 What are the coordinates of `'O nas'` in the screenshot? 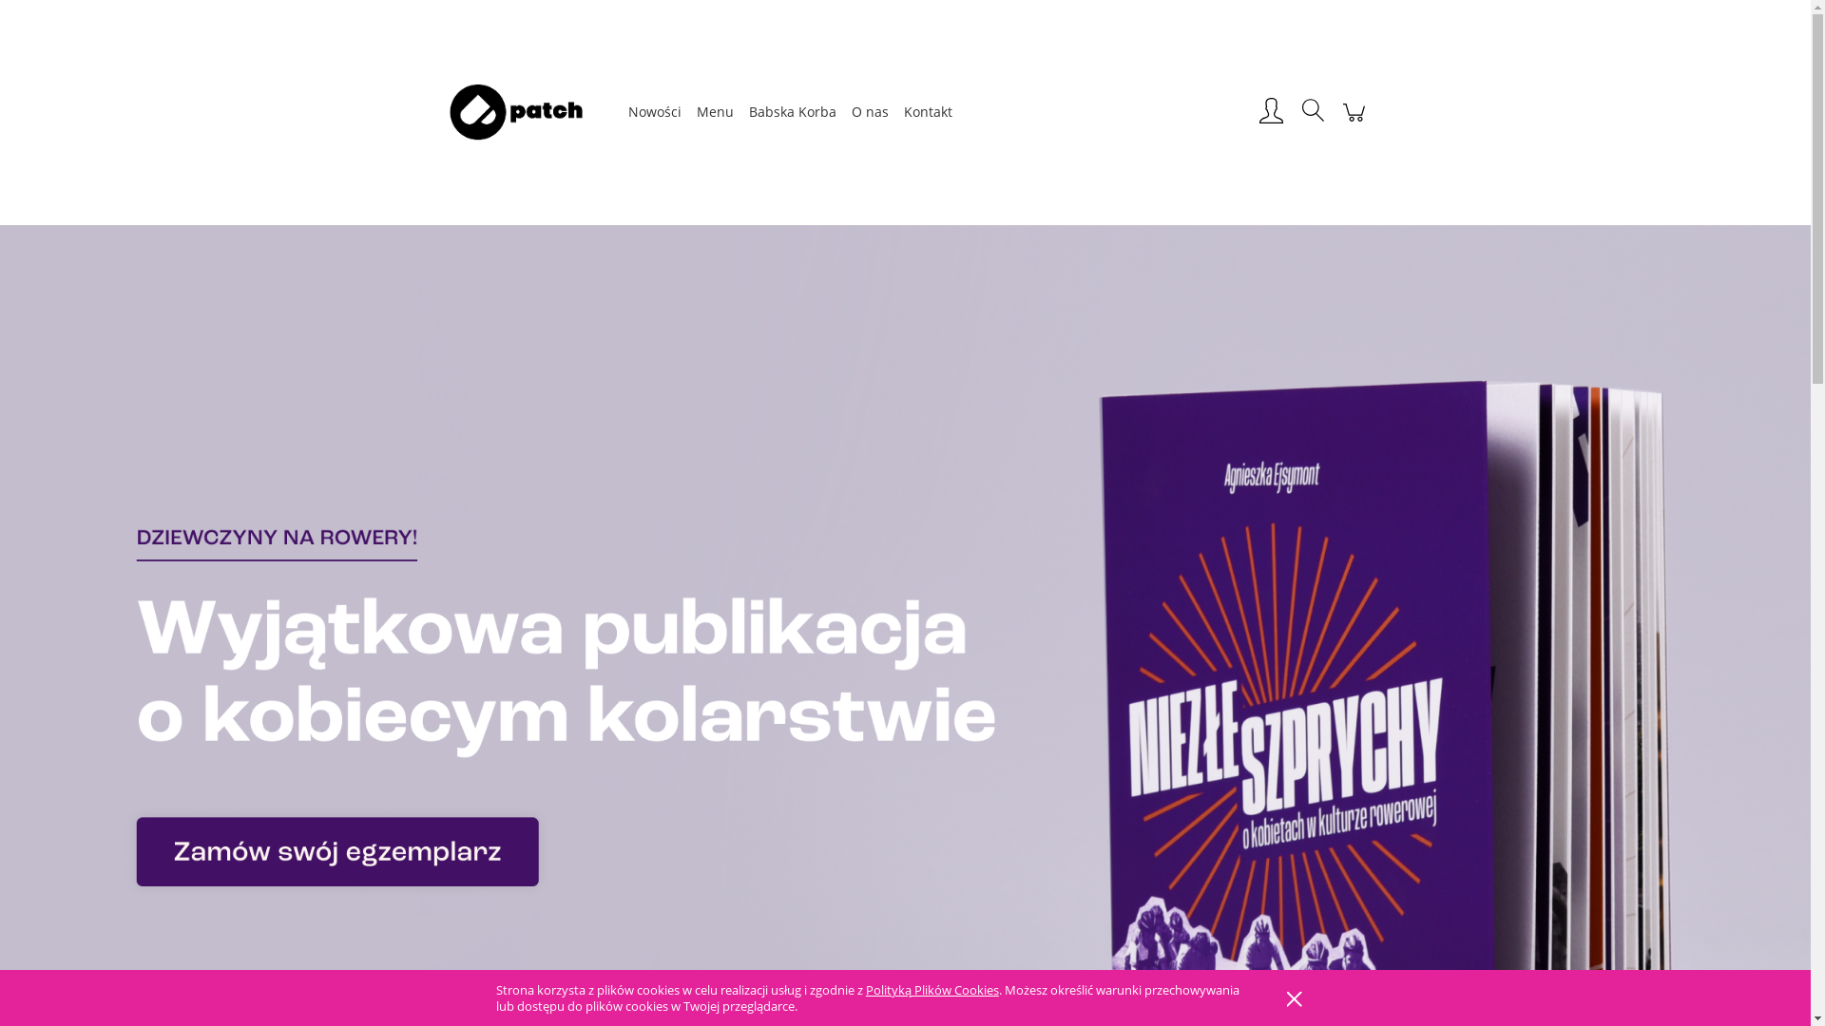 It's located at (843, 111).